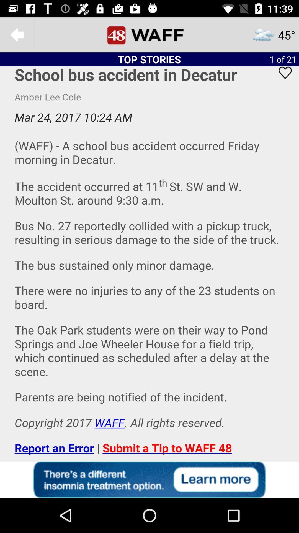 This screenshot has height=533, width=299. I want to click on go back, so click(17, 34).